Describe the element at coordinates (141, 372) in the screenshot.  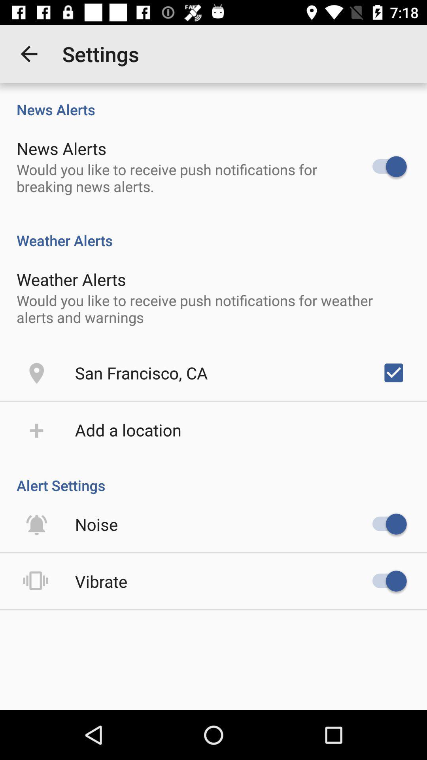
I see `the san francisco, ca item` at that location.